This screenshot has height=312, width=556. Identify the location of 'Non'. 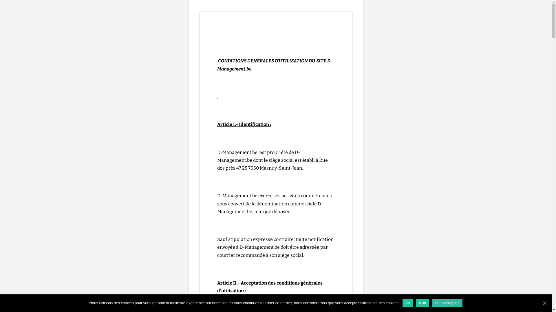
(423, 303).